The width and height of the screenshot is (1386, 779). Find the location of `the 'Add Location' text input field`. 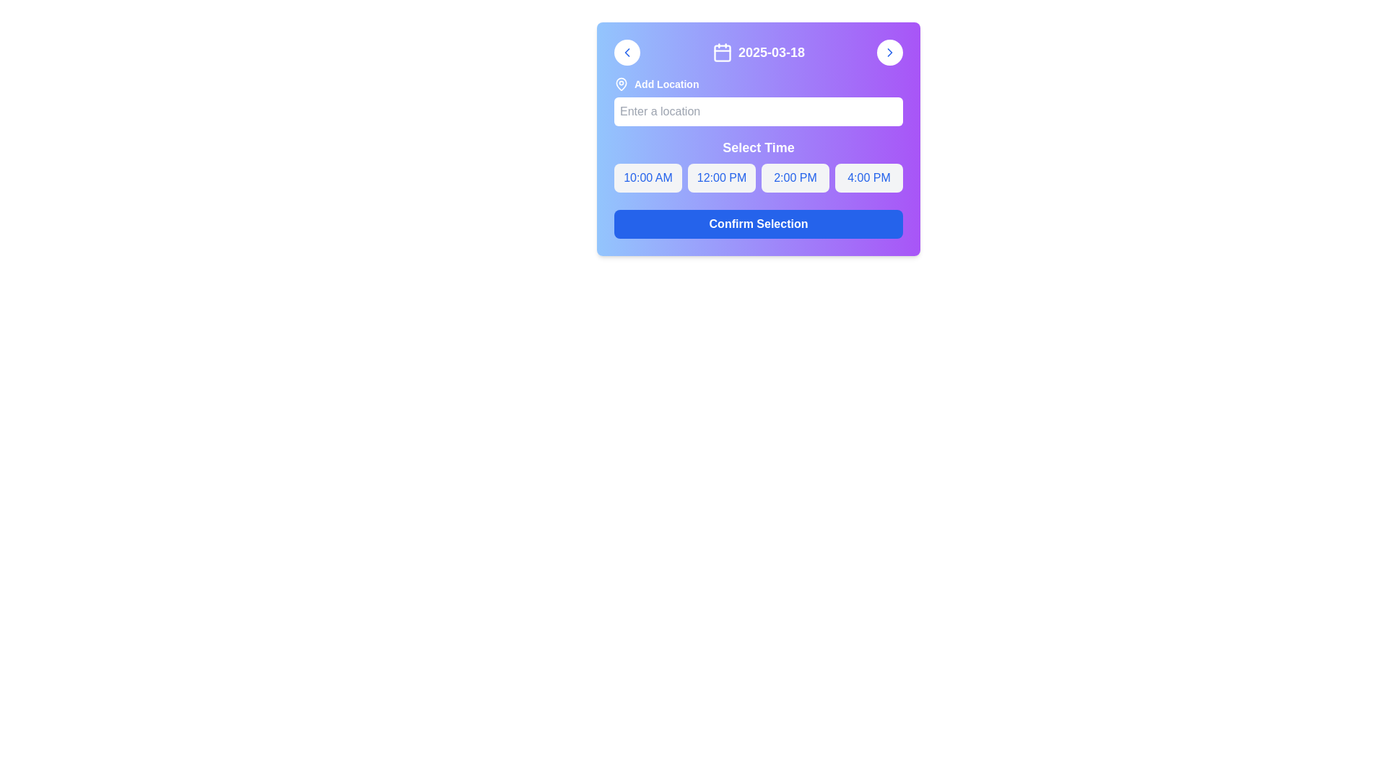

the 'Add Location' text input field is located at coordinates (758, 101).